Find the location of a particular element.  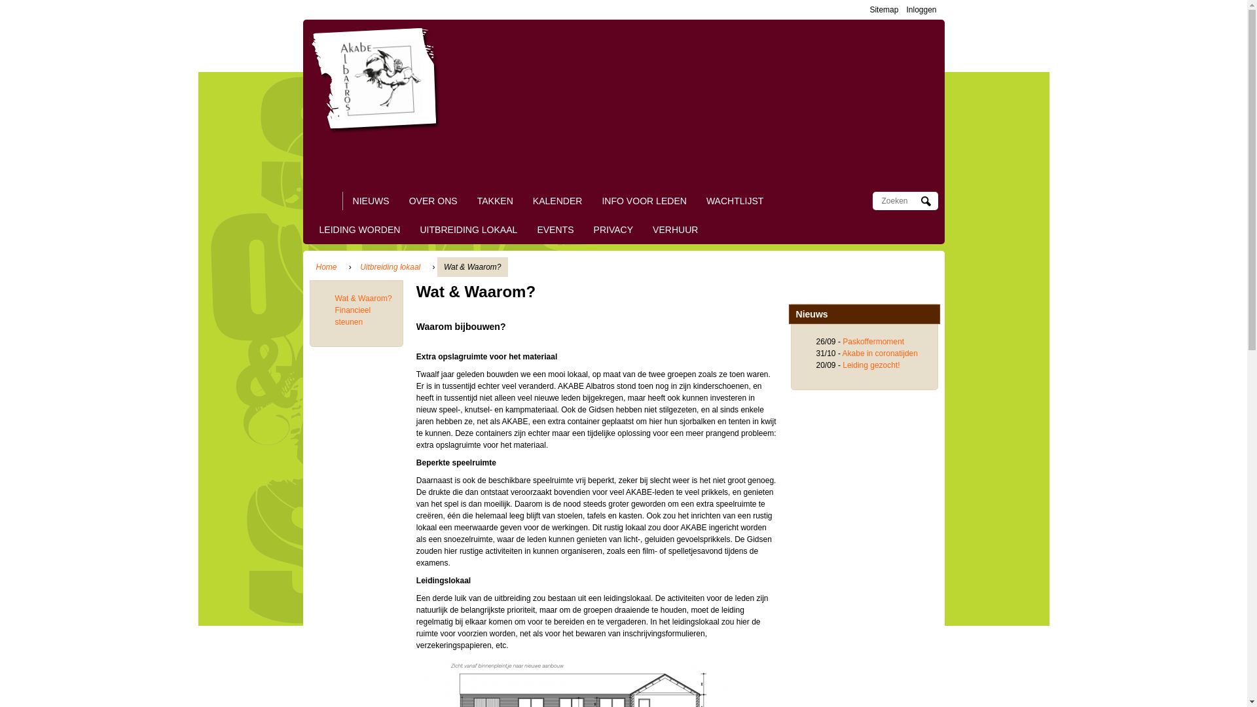

'TAKKEN' is located at coordinates (494, 201).